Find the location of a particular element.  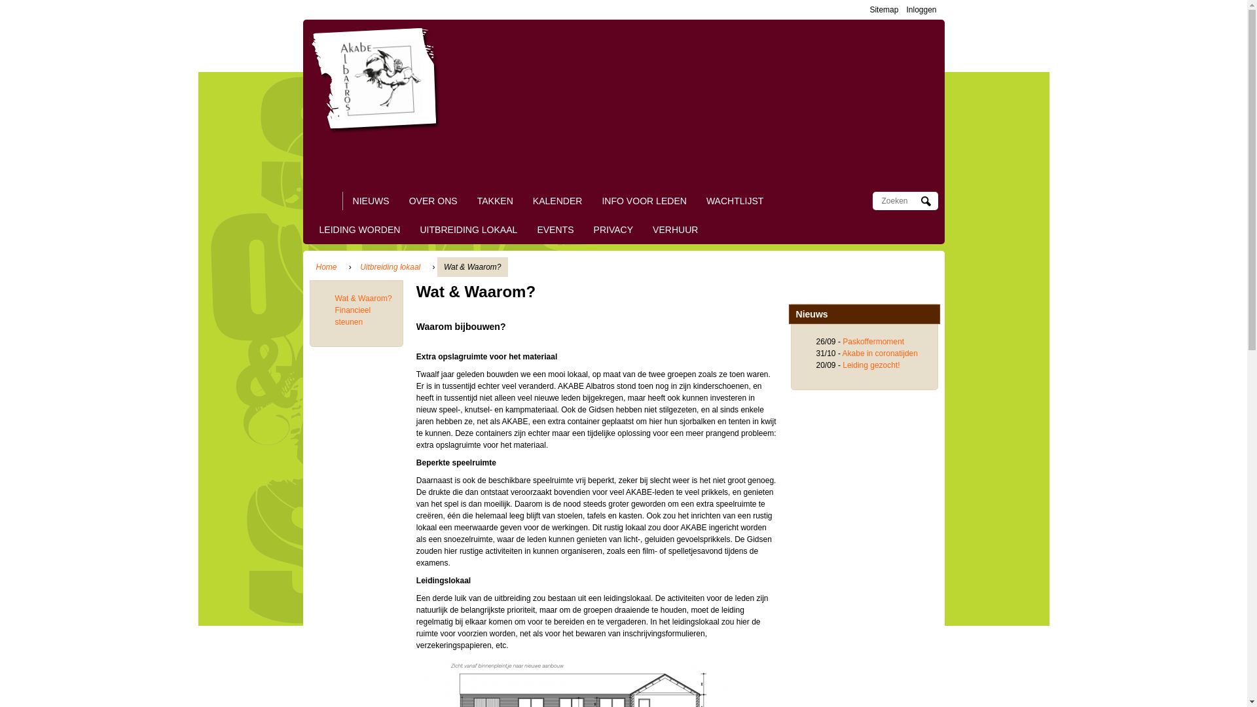

'TAKKEN' is located at coordinates (494, 201).